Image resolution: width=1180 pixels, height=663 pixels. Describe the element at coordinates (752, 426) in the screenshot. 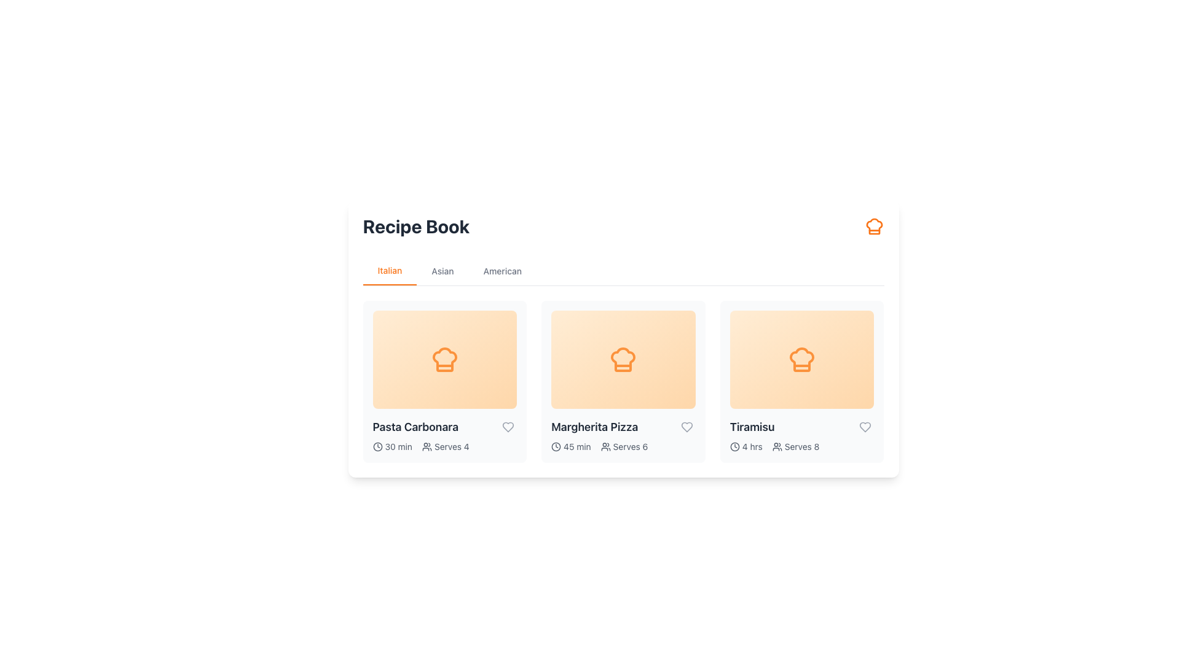

I see `text label displaying 'Tiramisu', which is styled in bold and medium-large font in dark gray color, located under the image of the Tiramisu recipe in the third card of the 'Italian' recipes list` at that location.